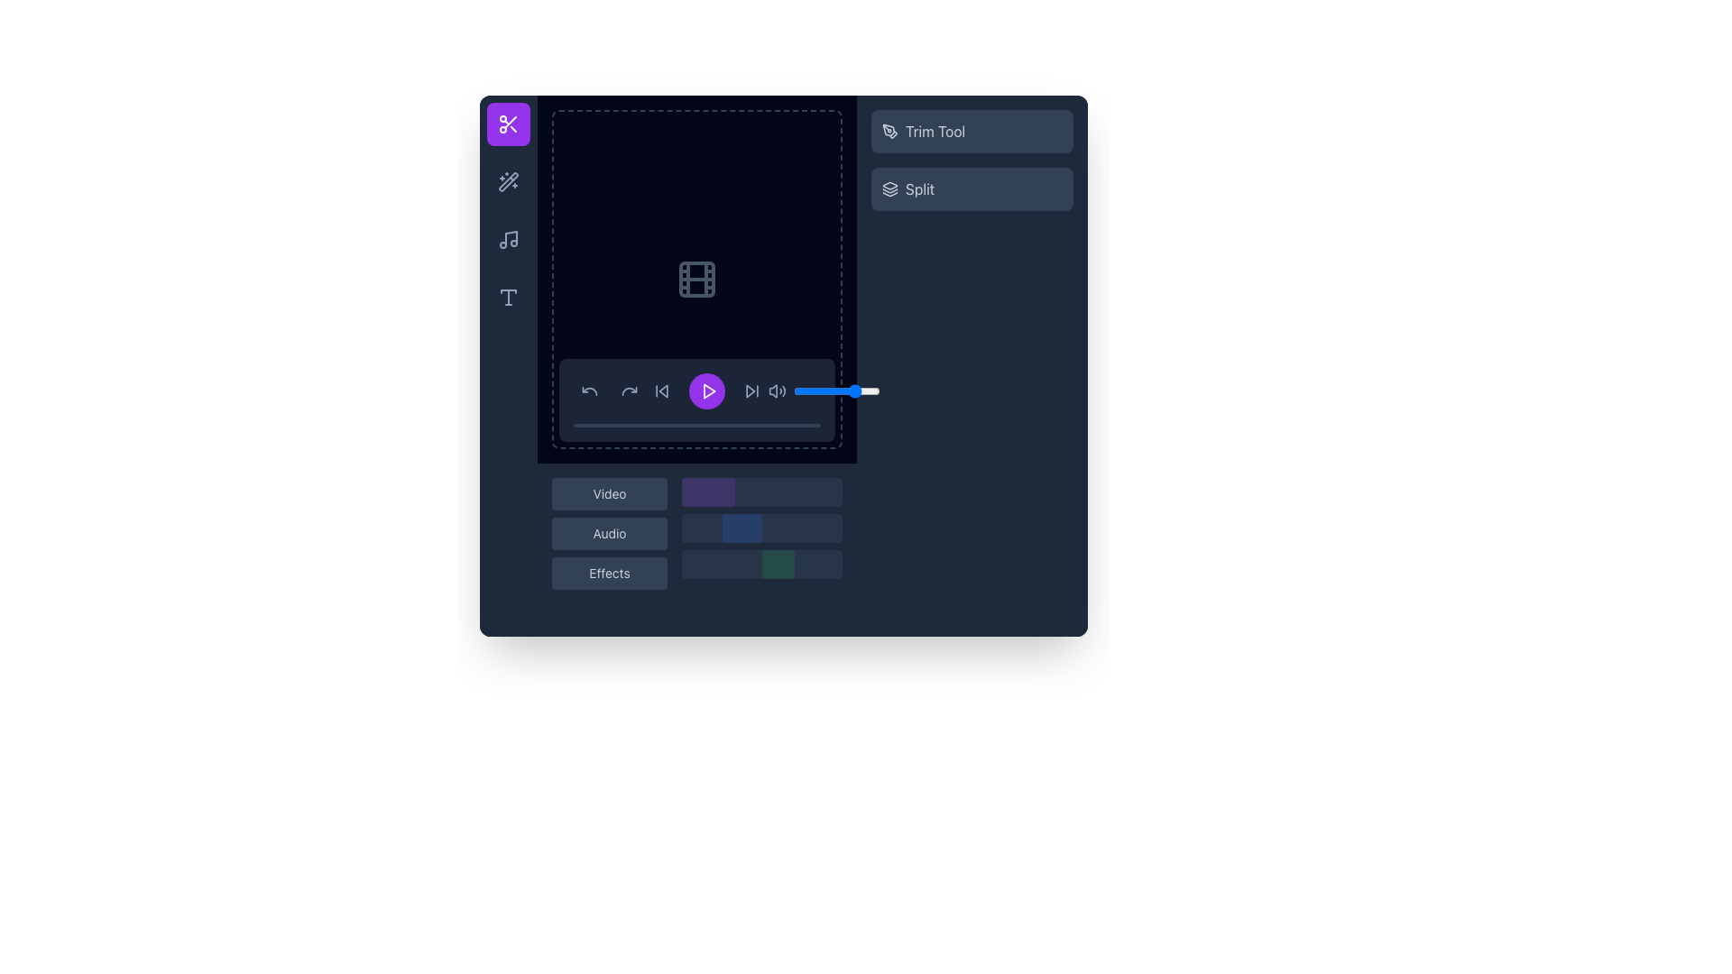 This screenshot has height=974, width=1732. Describe the element at coordinates (708, 391) in the screenshot. I see `the play button icon, which is a triangular shape oriented to the right, located within a purple circular button in the media control section at the center-bottom of the interface` at that location.